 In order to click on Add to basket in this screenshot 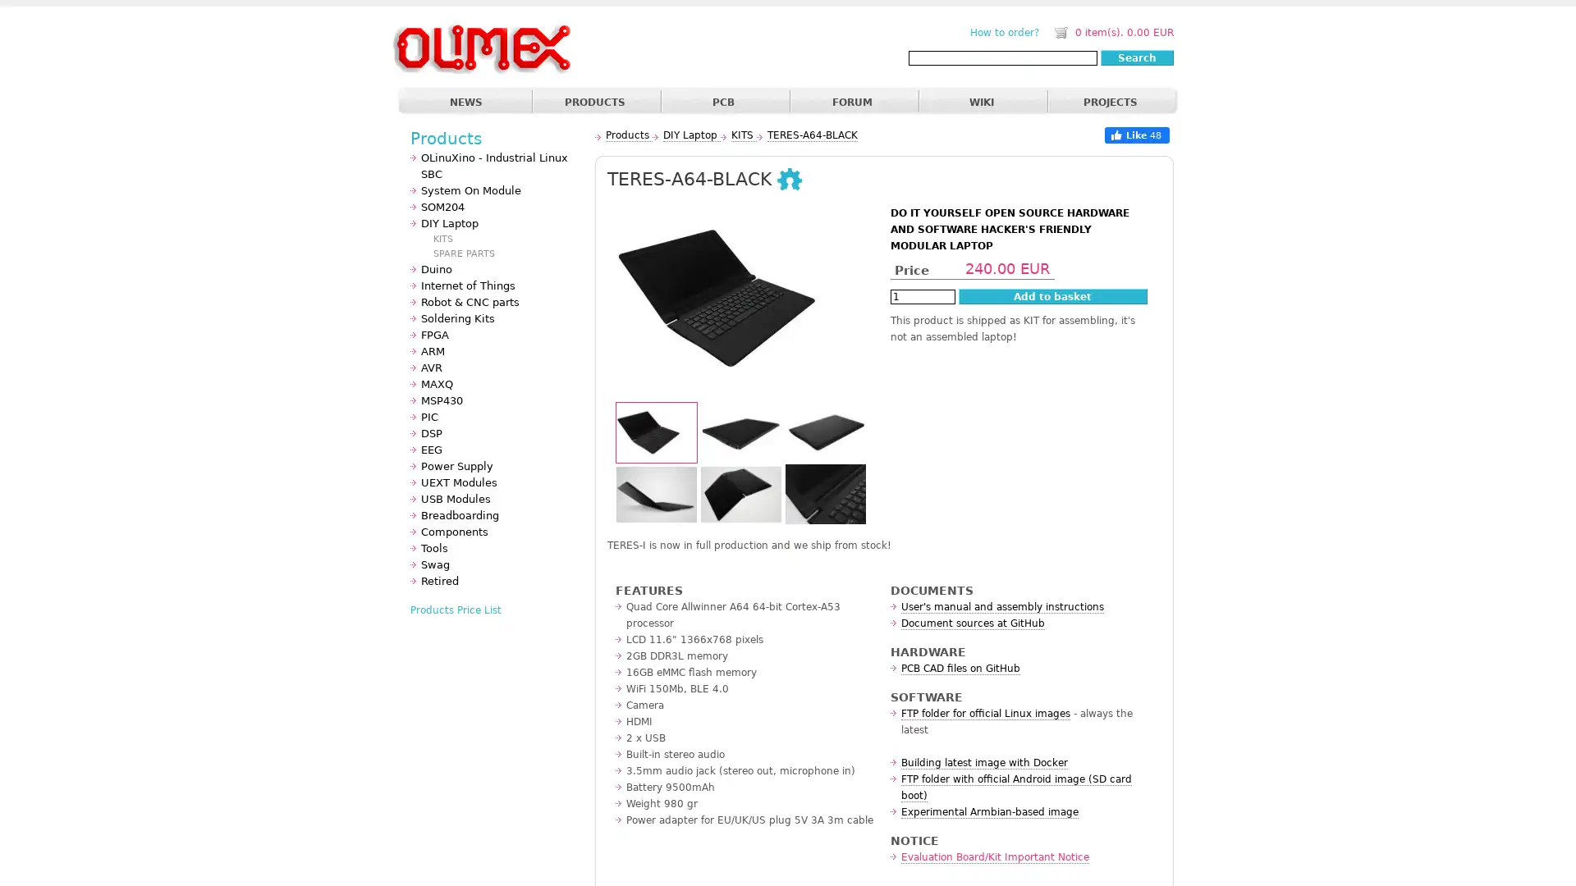, I will do `click(1051, 296)`.